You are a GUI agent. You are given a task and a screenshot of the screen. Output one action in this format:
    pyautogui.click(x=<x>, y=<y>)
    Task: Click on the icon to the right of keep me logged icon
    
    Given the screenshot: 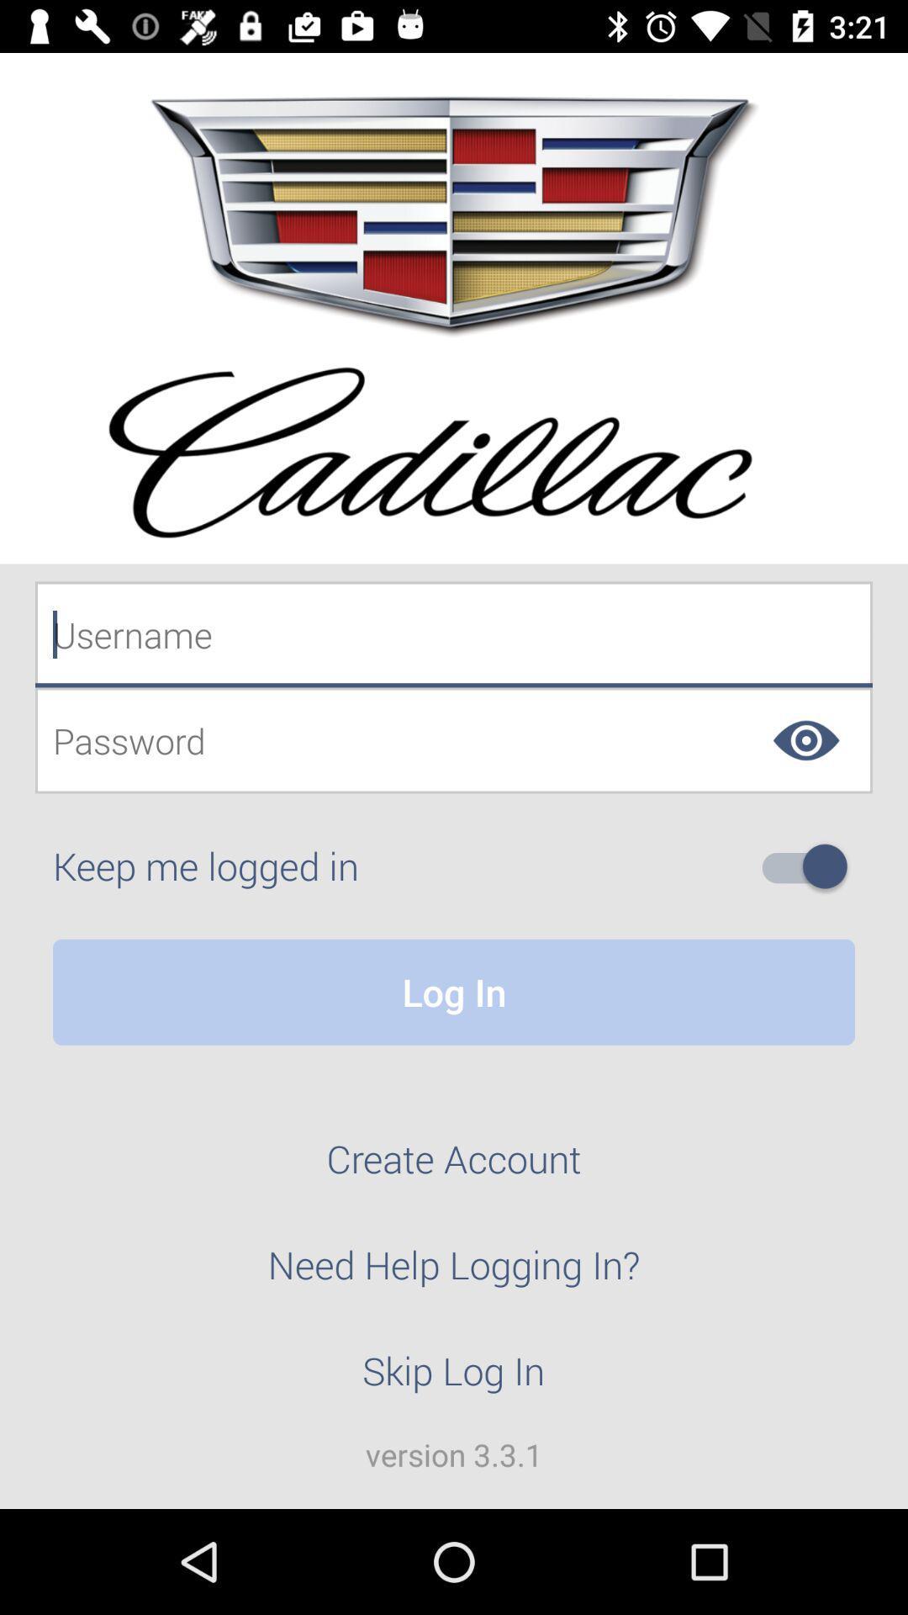 What is the action you would take?
    pyautogui.click(x=810, y=866)
    